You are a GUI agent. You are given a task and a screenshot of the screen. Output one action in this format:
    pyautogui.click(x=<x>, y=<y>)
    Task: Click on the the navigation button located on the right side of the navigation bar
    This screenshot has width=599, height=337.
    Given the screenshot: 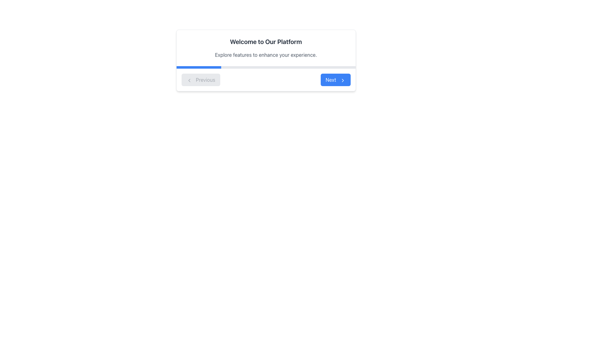 What is the action you would take?
    pyautogui.click(x=335, y=79)
    